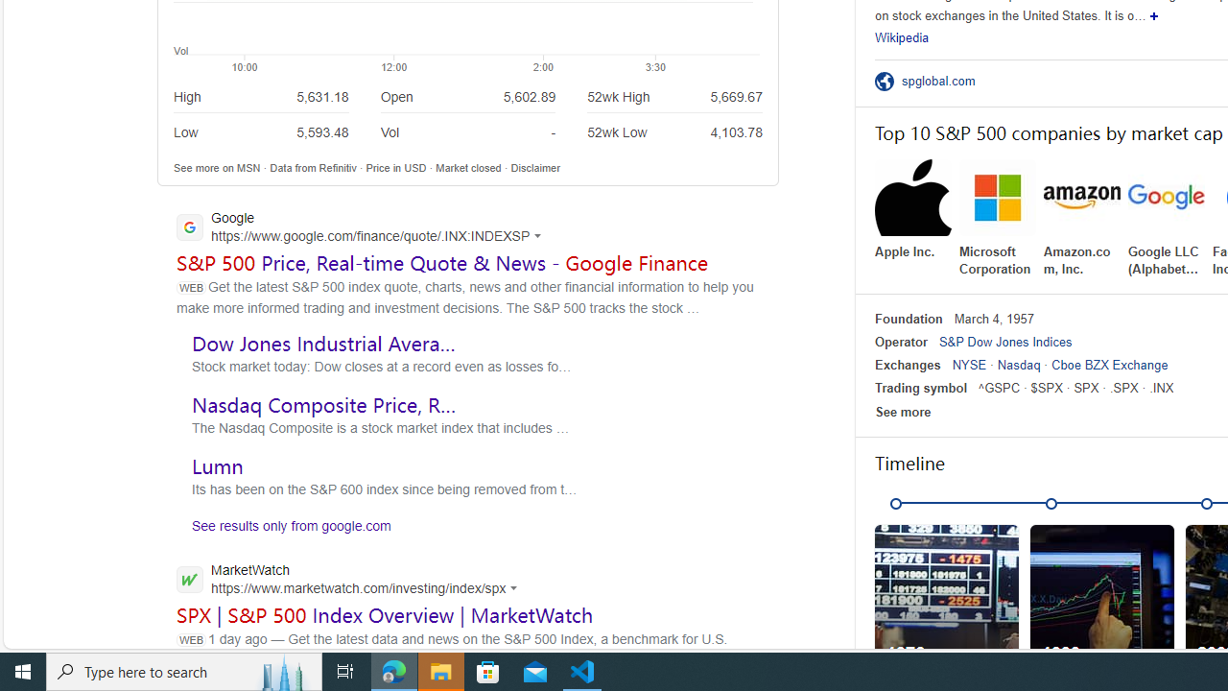  I want to click on 'See results only from google.com', so click(283, 530).